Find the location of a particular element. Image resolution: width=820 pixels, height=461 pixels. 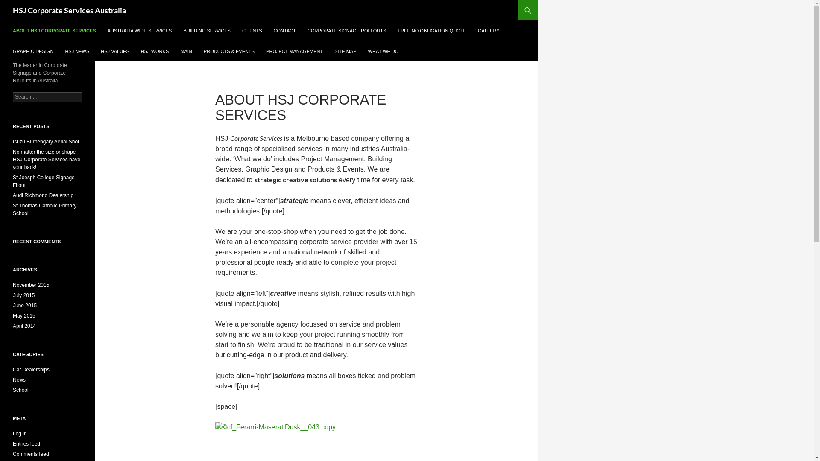

'HSJ VALUES' is located at coordinates (96, 51).